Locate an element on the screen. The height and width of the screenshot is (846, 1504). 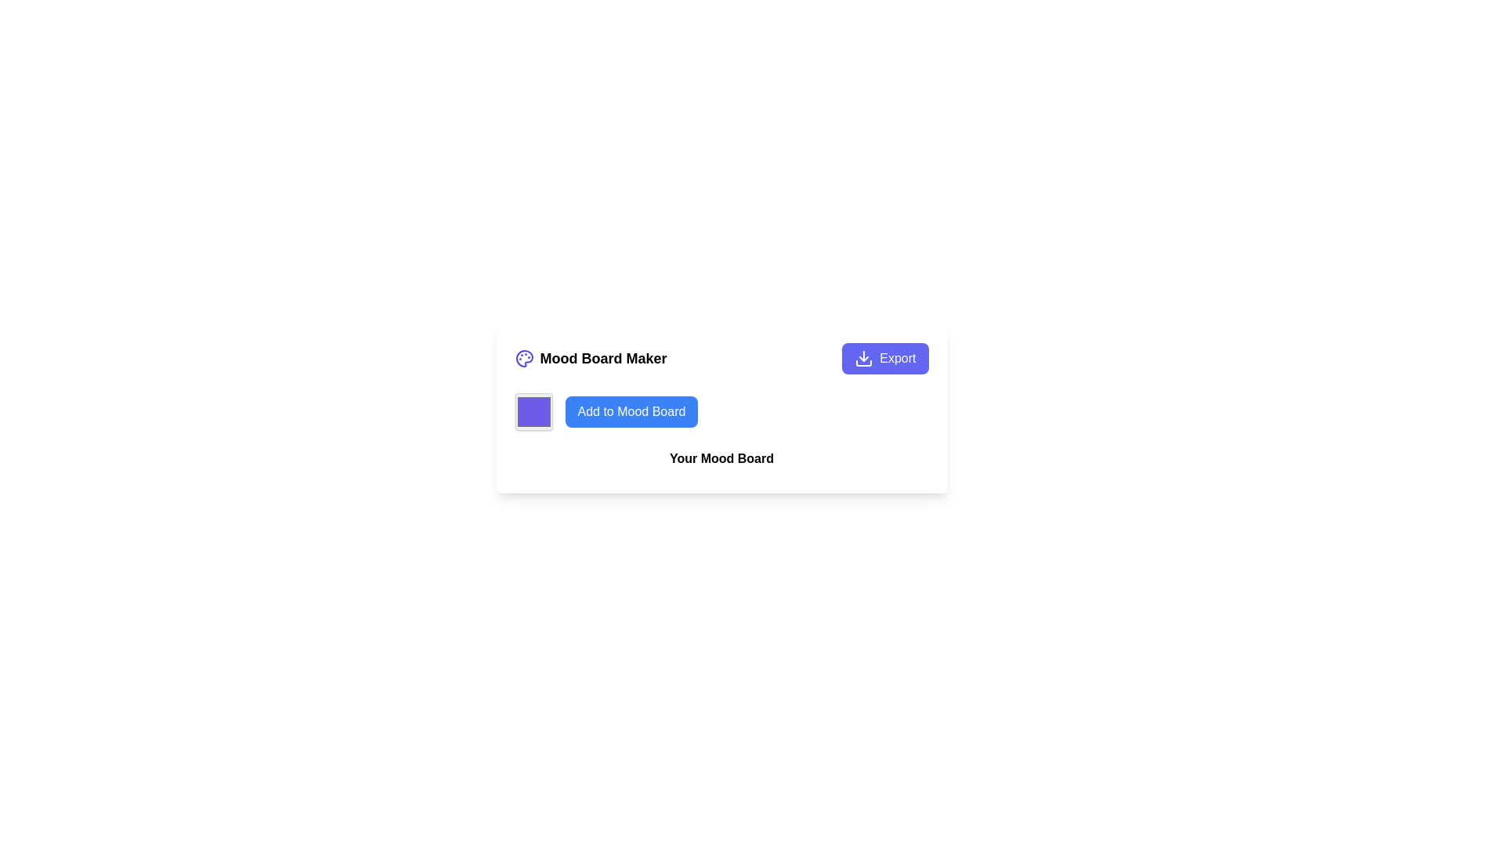
the static text label that serves as a section header for the user's mood board is located at coordinates (721, 461).